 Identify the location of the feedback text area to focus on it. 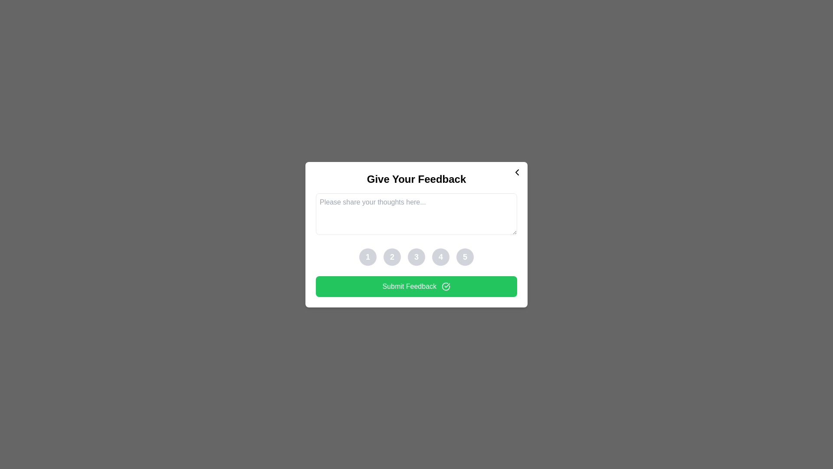
(416, 214).